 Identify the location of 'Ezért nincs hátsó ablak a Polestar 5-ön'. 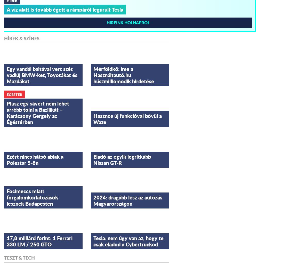
(35, 159).